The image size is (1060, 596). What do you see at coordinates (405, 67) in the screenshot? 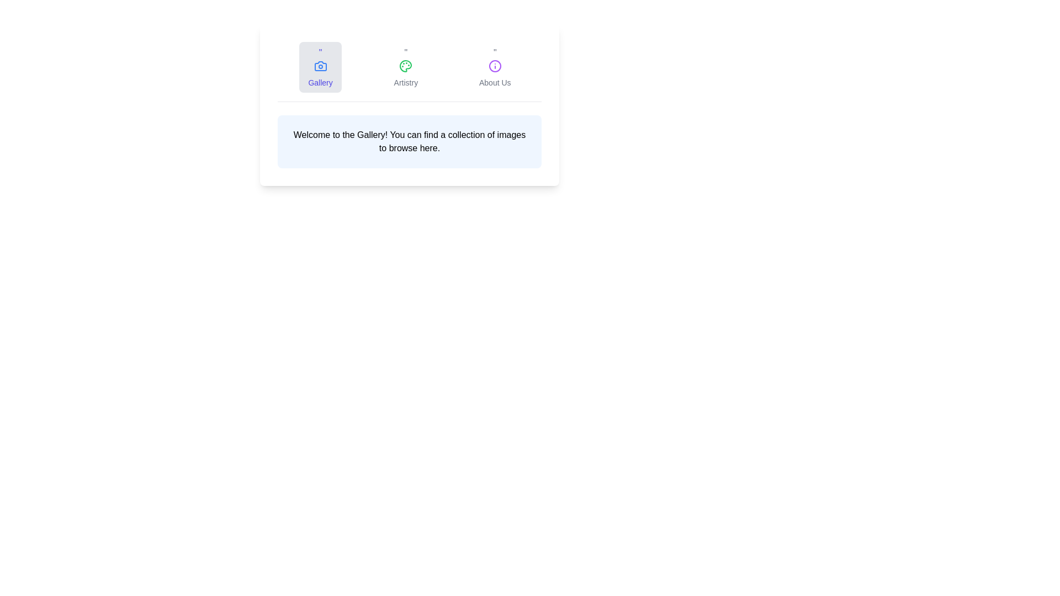
I see `the tab button labeled Artistry to observe the hover effect` at bounding box center [405, 67].